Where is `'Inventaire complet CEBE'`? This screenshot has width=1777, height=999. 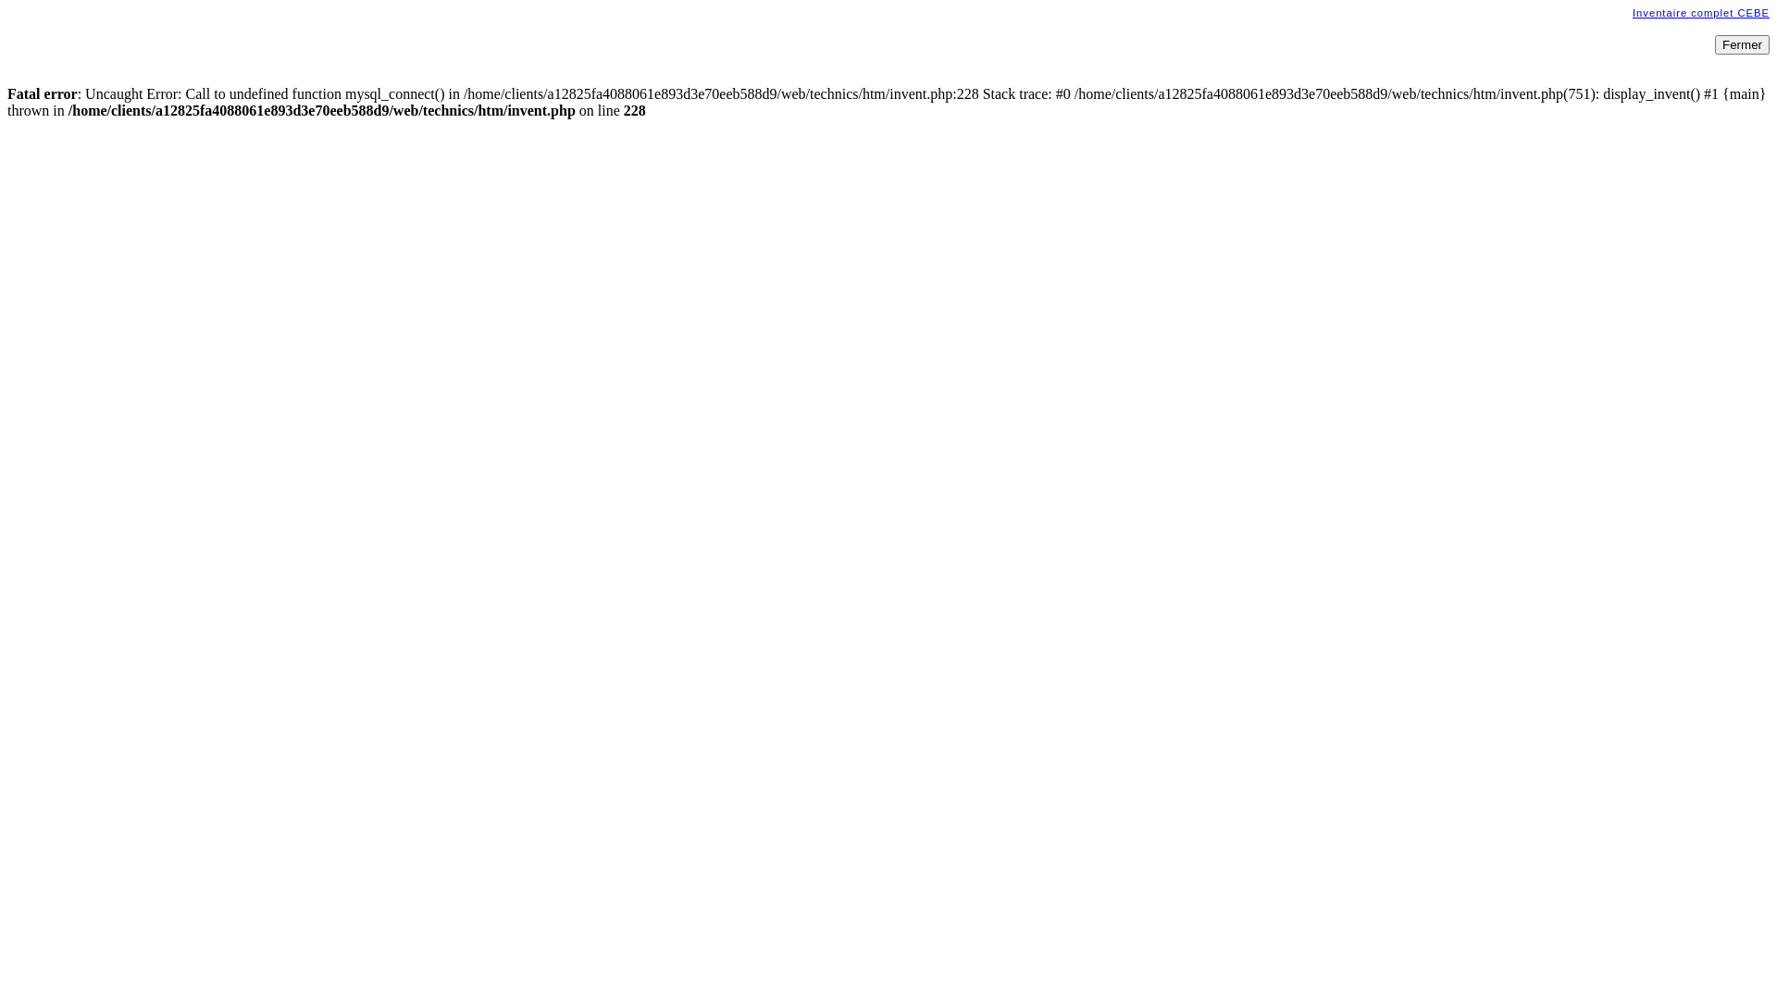 'Inventaire complet CEBE' is located at coordinates (1632, 13).